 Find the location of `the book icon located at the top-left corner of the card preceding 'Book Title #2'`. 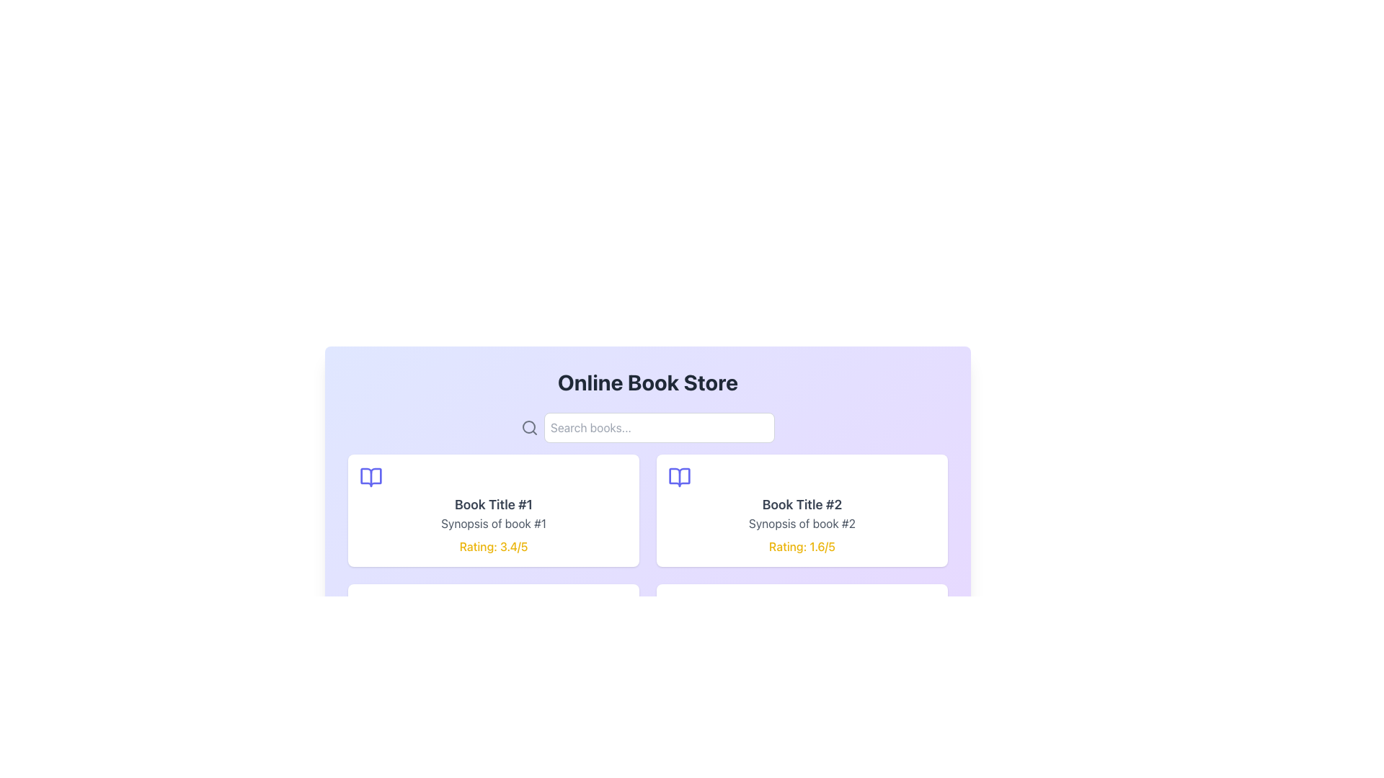

the book icon located at the top-left corner of the card preceding 'Book Title #2' is located at coordinates (678, 478).